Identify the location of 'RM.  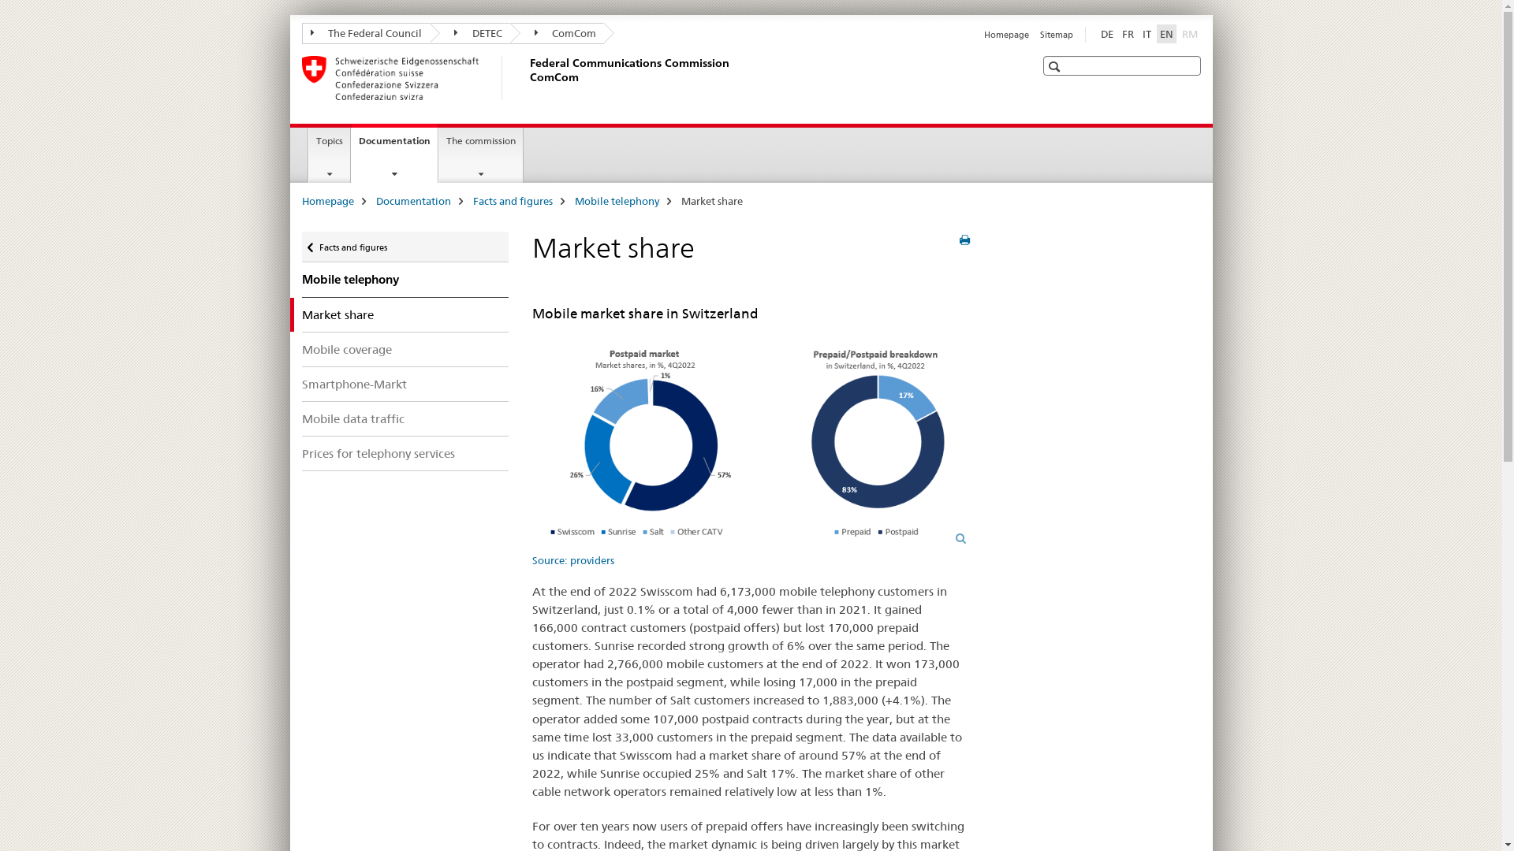
(1188, 33).